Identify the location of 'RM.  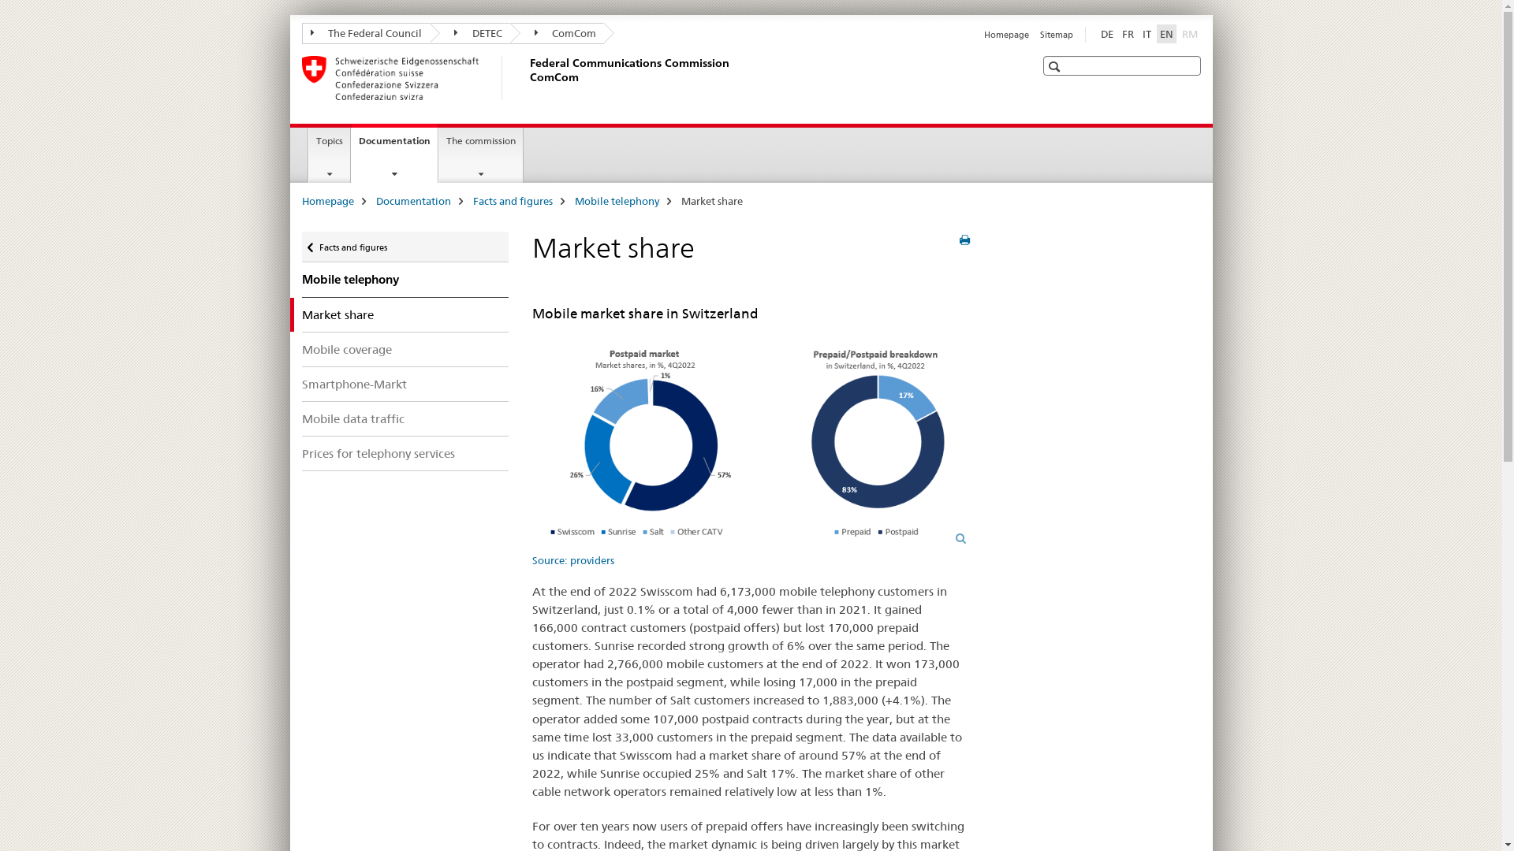
(1188, 33).